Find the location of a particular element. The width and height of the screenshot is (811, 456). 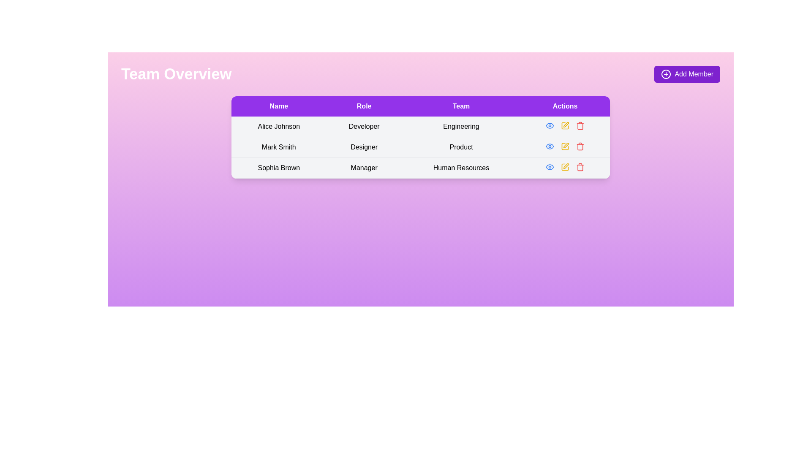

the text cell displaying 'Product' in the 'Team' column under the row labeled 'Mark Smith.' is located at coordinates (461, 147).